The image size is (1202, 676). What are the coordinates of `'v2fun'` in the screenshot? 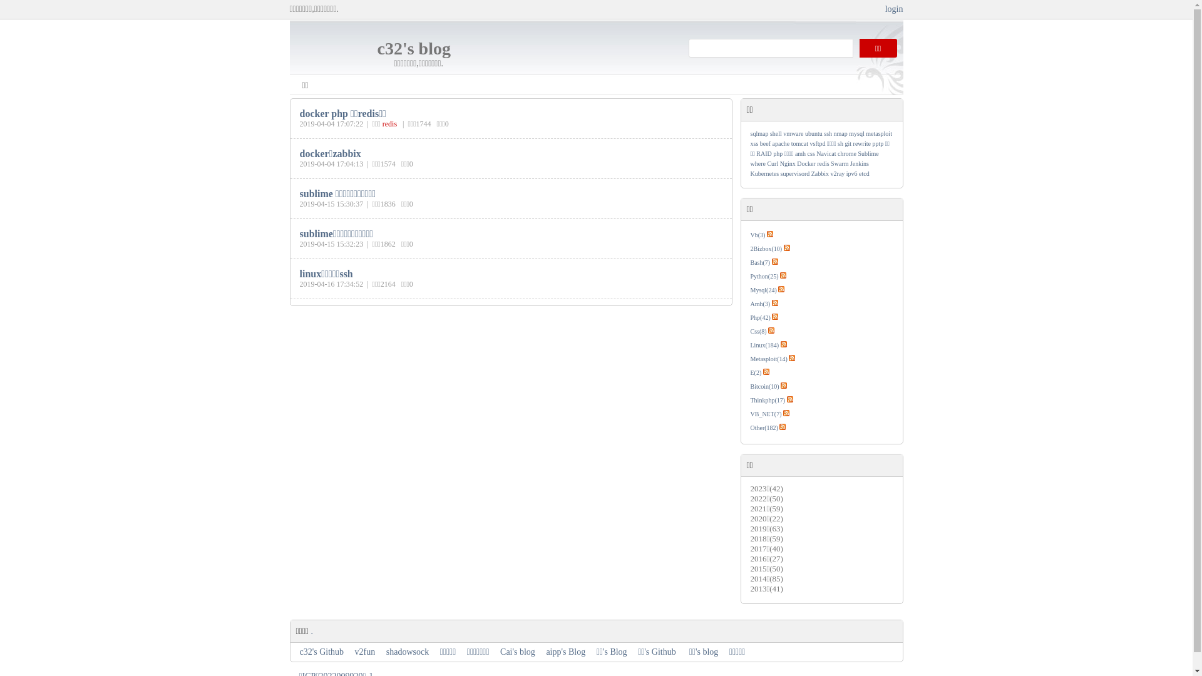 It's located at (364, 651).